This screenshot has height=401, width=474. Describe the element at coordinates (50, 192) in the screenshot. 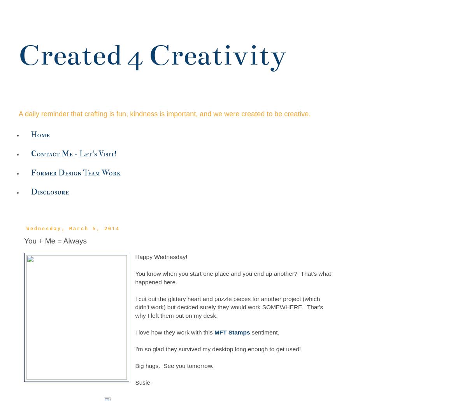

I see `'Disclosure'` at that location.